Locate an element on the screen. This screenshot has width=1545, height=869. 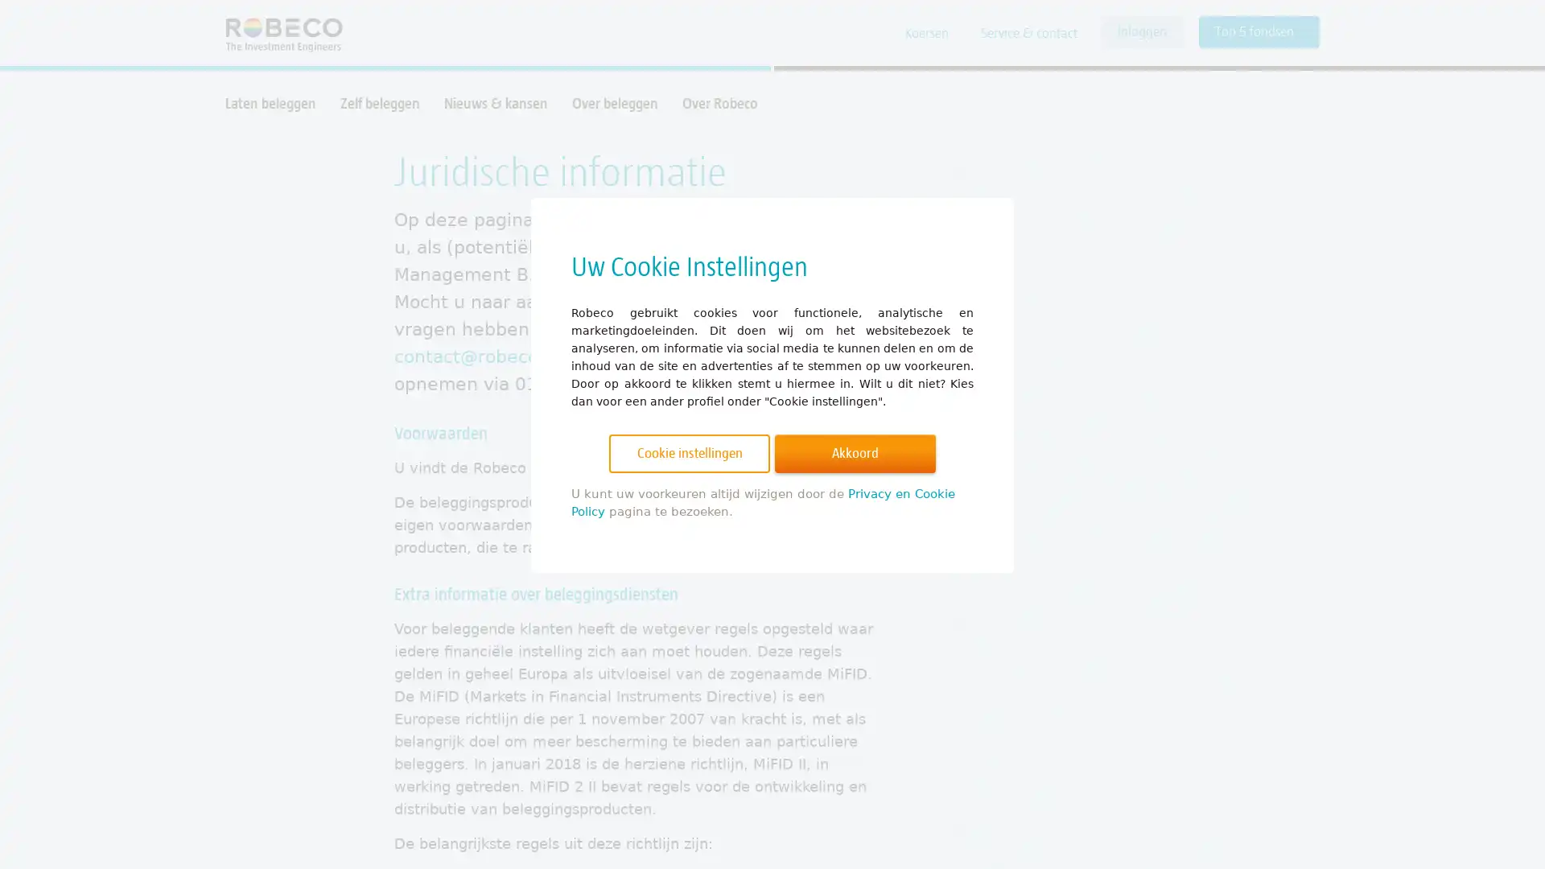
Over Robeco is located at coordinates (719, 103).